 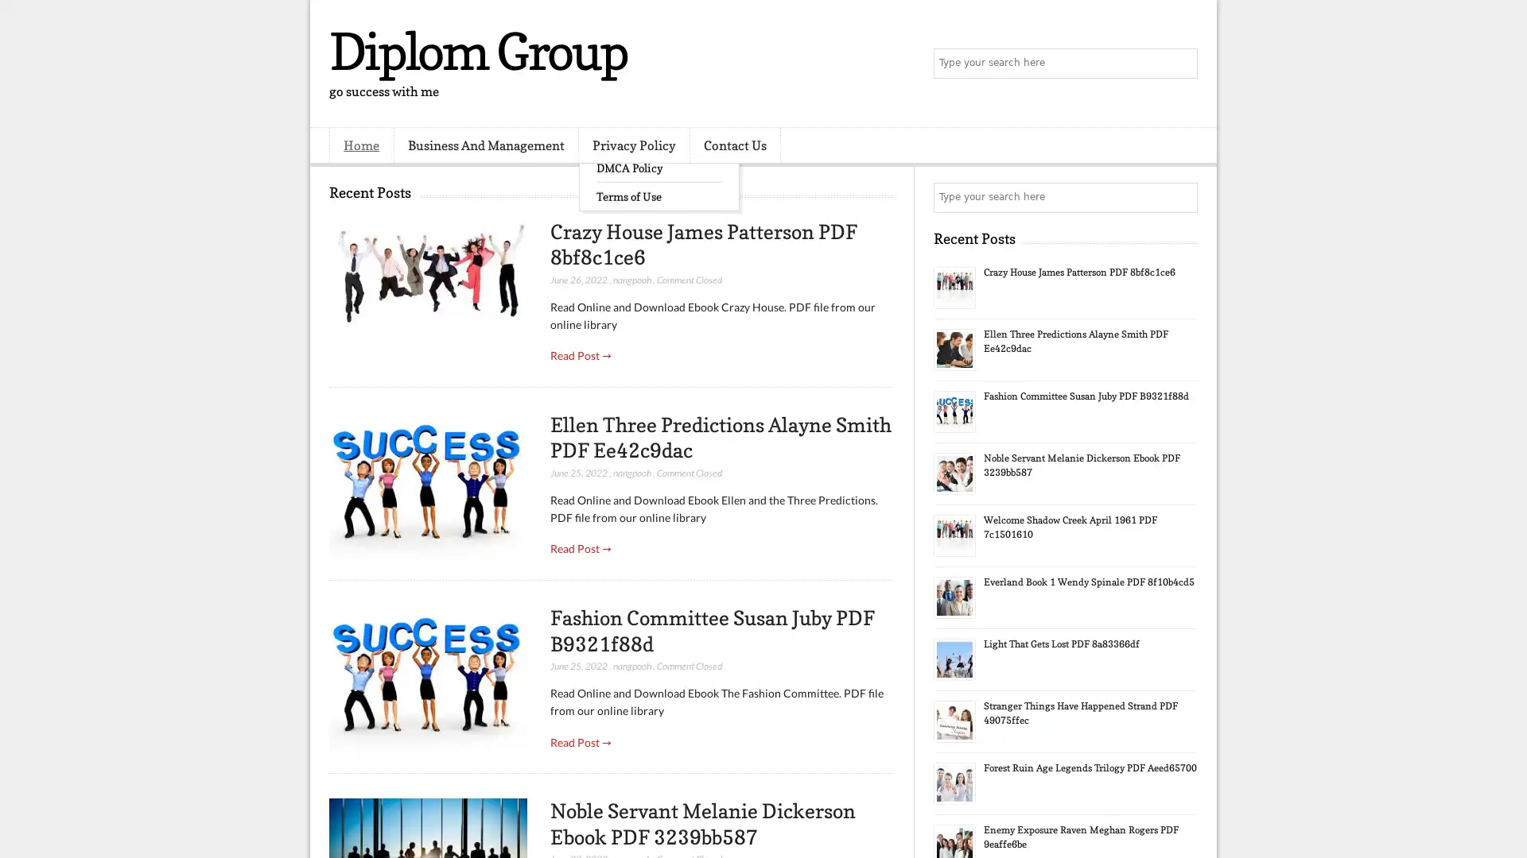 What do you see at coordinates (1181, 197) in the screenshot?
I see `Search` at bounding box center [1181, 197].